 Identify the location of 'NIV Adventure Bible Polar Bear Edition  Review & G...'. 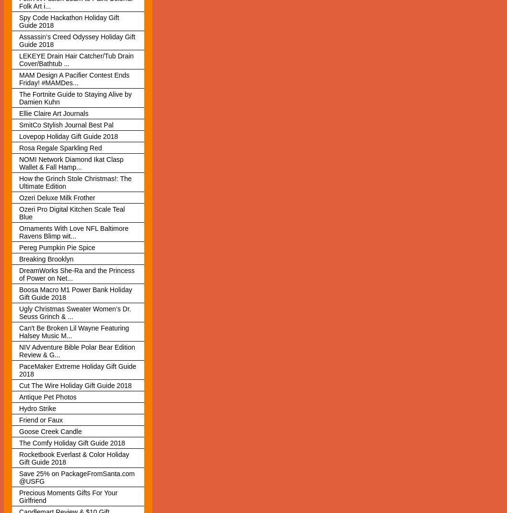
(77, 351).